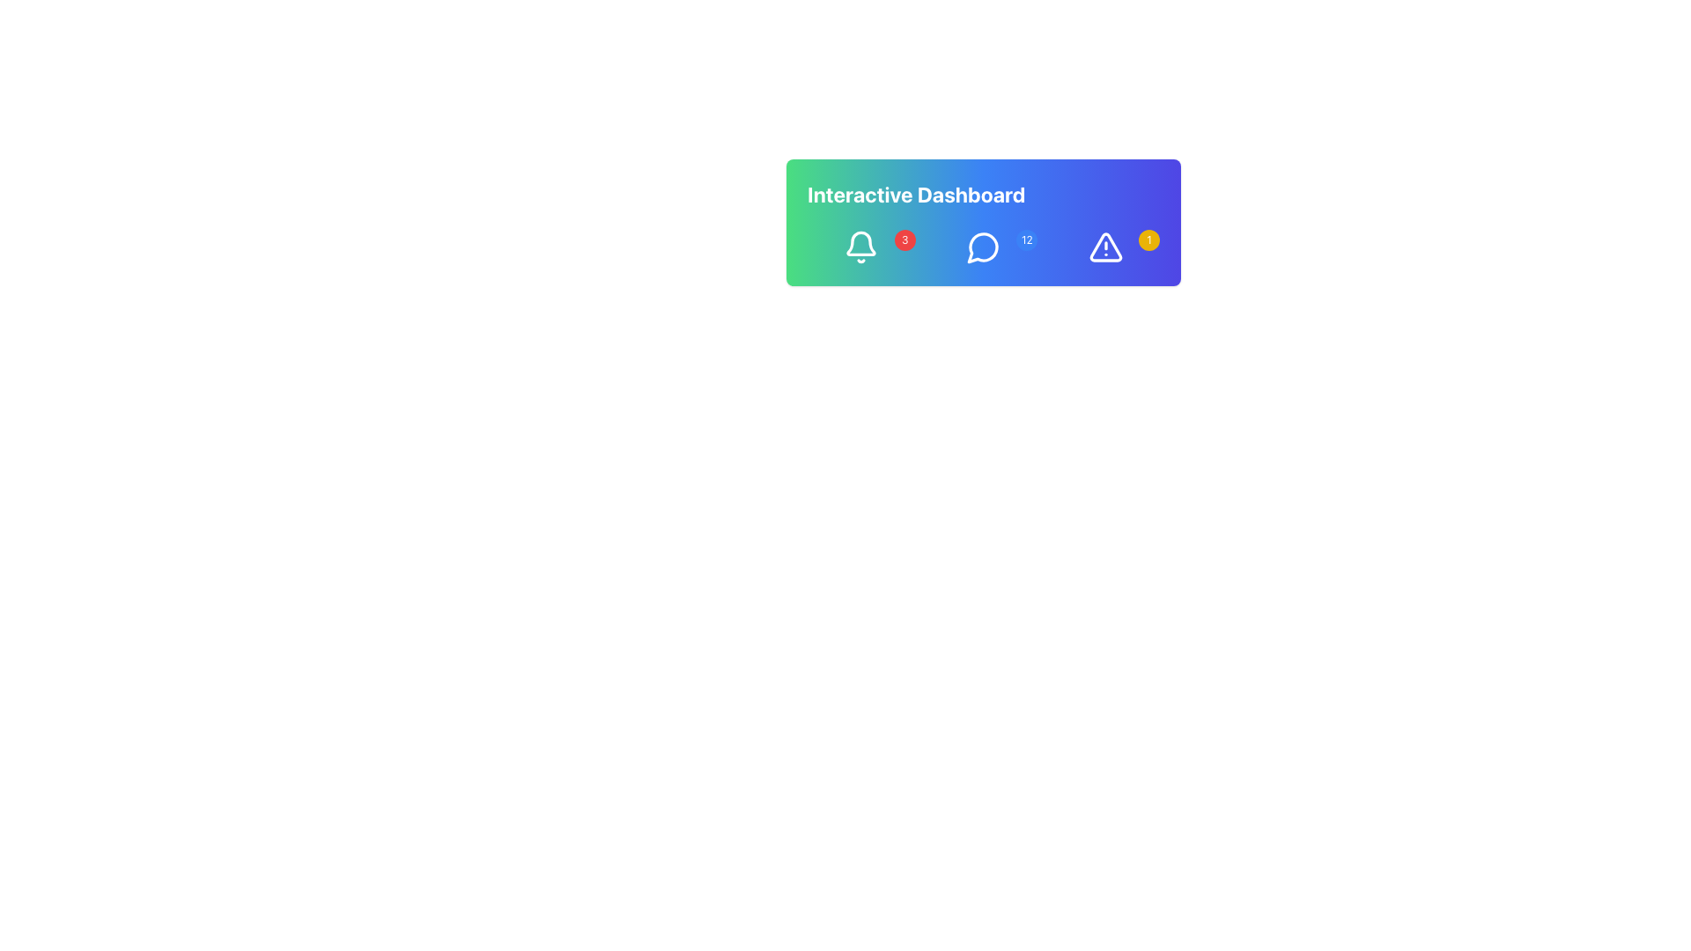 This screenshot has width=1691, height=951. What do you see at coordinates (1104, 247) in the screenshot?
I see `the triangular warning icon with a blue background and white border` at bounding box center [1104, 247].